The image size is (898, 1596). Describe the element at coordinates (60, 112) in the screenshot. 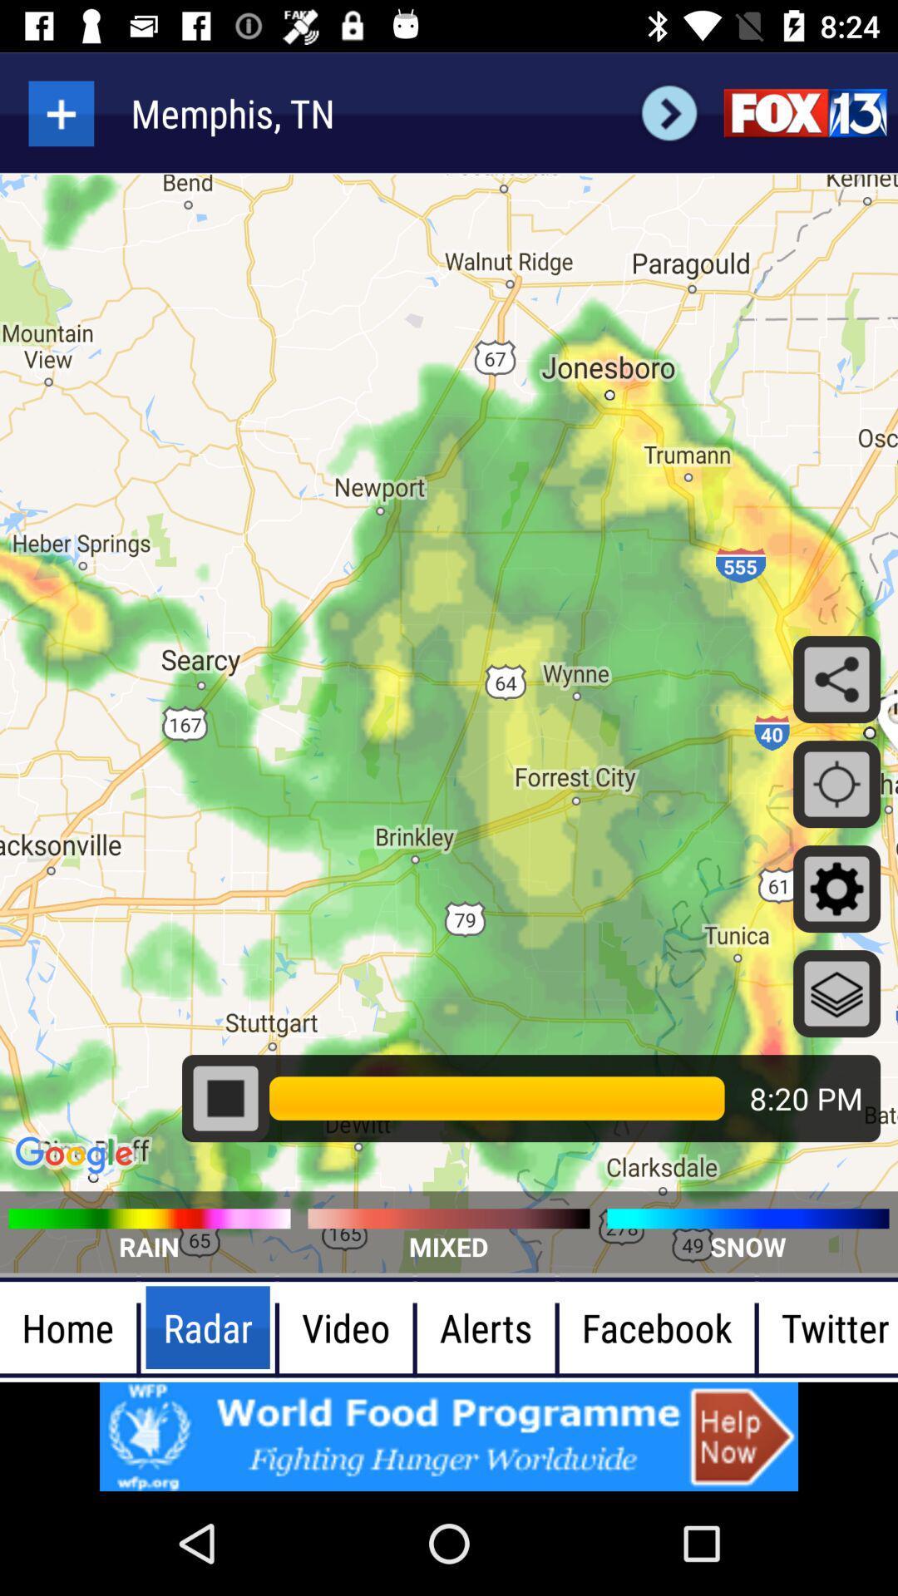

I see `the add icon` at that location.